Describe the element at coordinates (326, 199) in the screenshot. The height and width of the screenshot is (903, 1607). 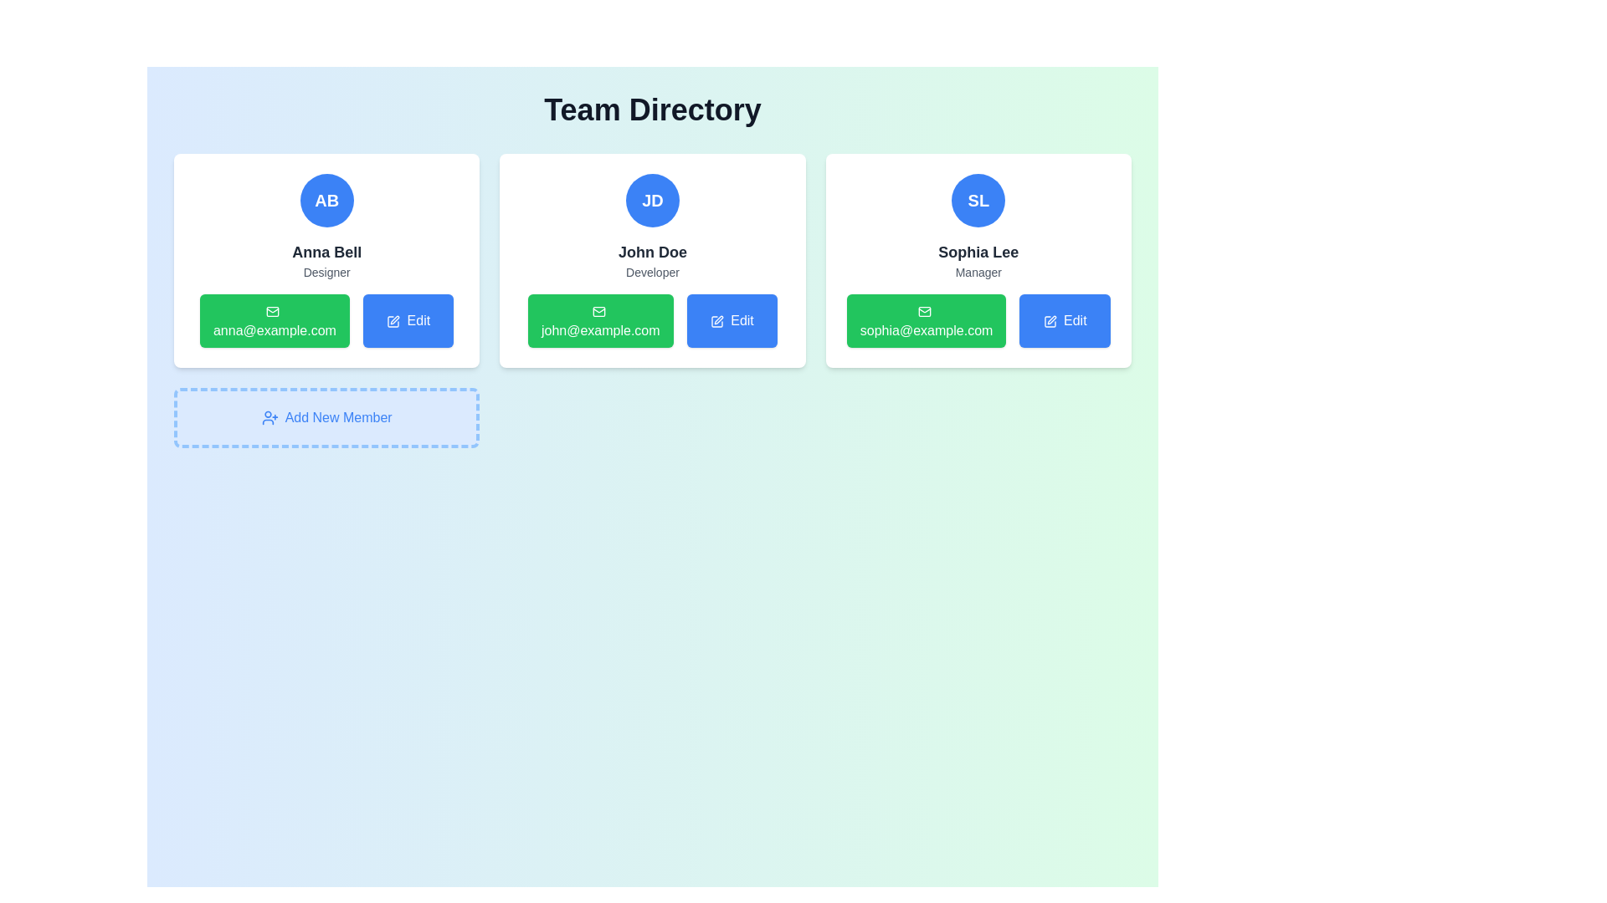
I see `the circular badge with a blue background and white 'AB' text representing Anna Bell in the team directory layout` at that location.